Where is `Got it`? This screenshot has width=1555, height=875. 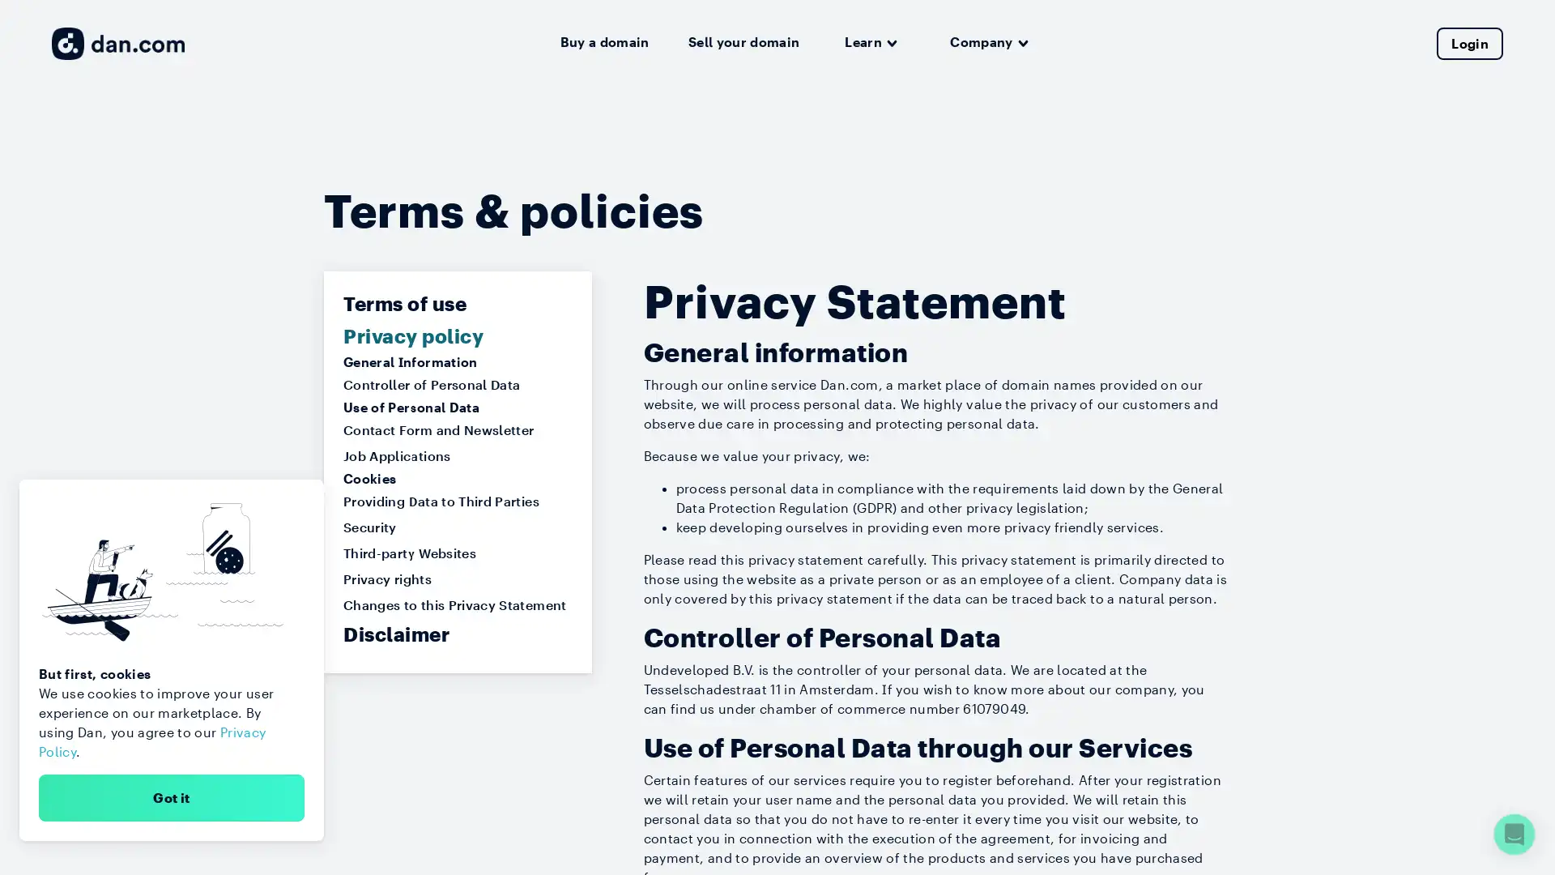
Got it is located at coordinates (171, 796).